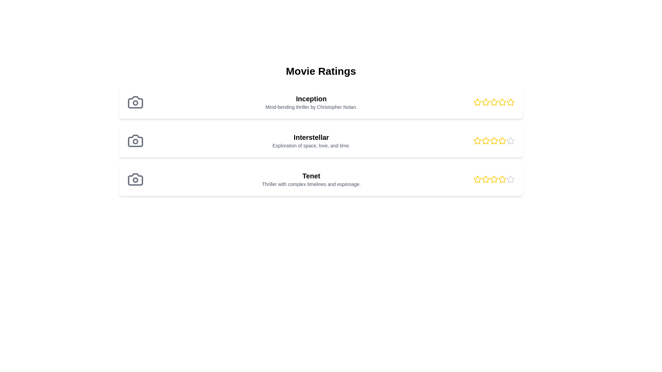 Image resolution: width=662 pixels, height=372 pixels. What do you see at coordinates (511, 140) in the screenshot?
I see `the fifth star-shaped icon in the star rating element for the 'Interstellar' movie` at bounding box center [511, 140].